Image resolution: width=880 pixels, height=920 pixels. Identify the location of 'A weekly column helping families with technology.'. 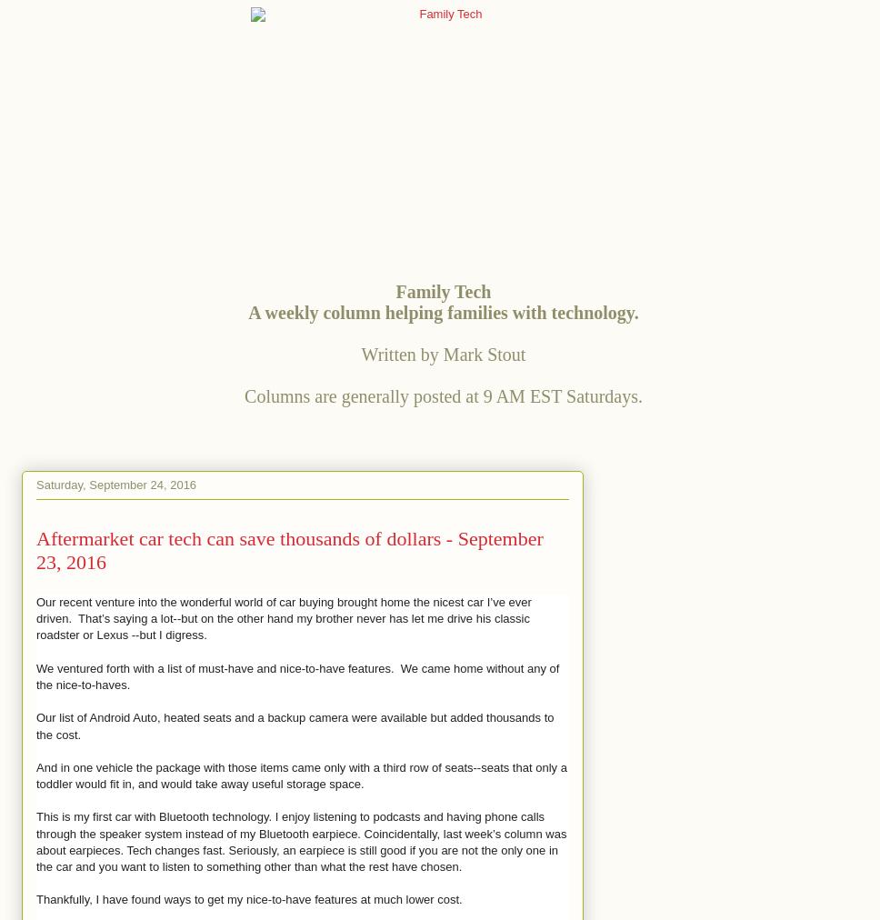
(443, 311).